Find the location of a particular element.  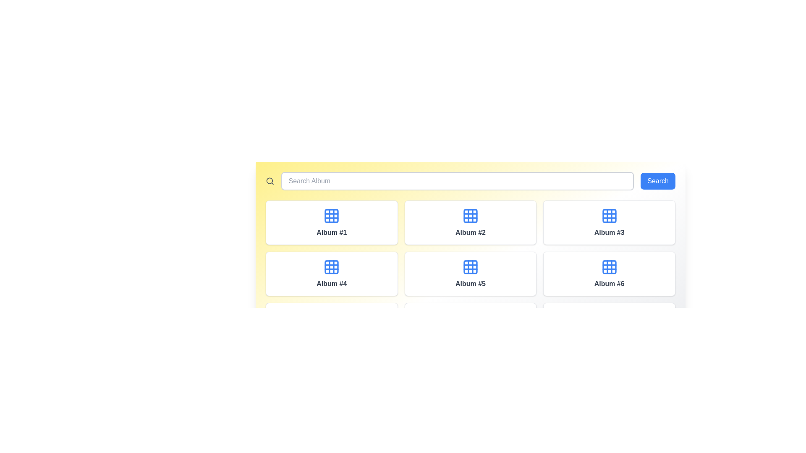

the album icon located in the top row of the album grid, positioned above the text 'Album #1' is located at coordinates (331, 216).